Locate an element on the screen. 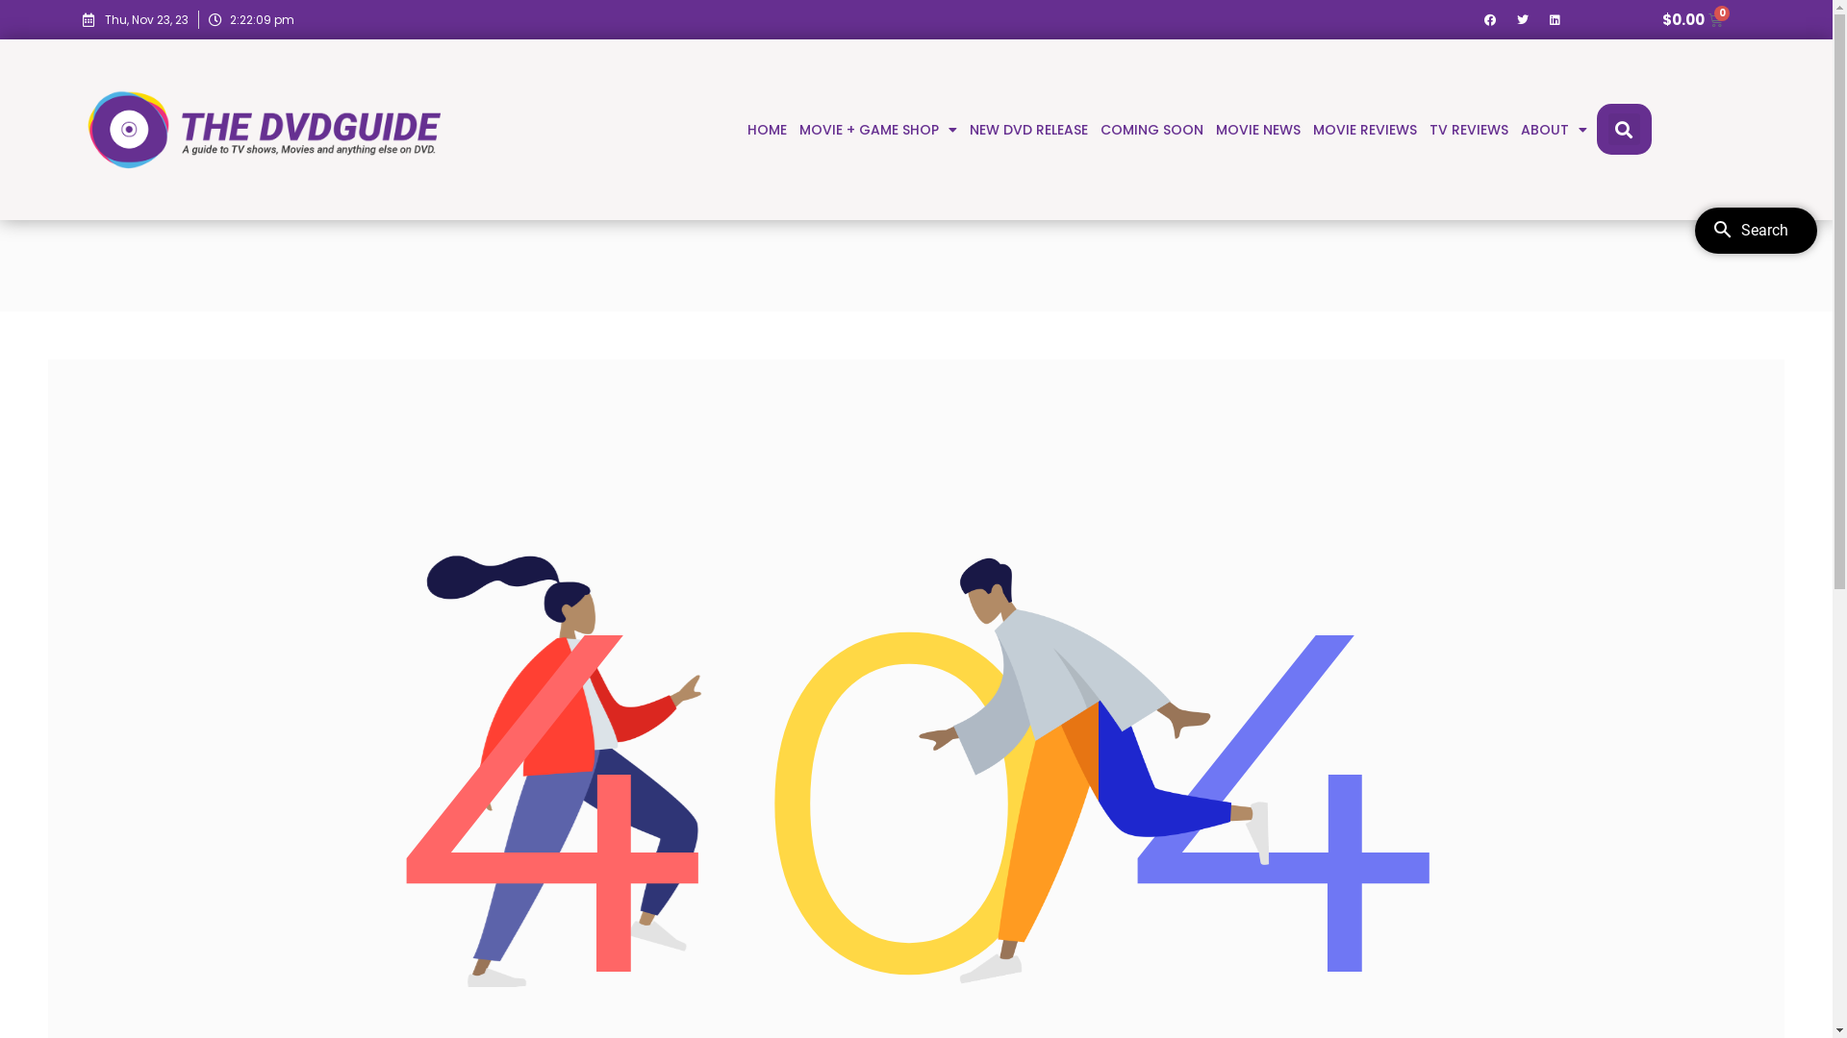  '$0.00 is located at coordinates (1637, 19).